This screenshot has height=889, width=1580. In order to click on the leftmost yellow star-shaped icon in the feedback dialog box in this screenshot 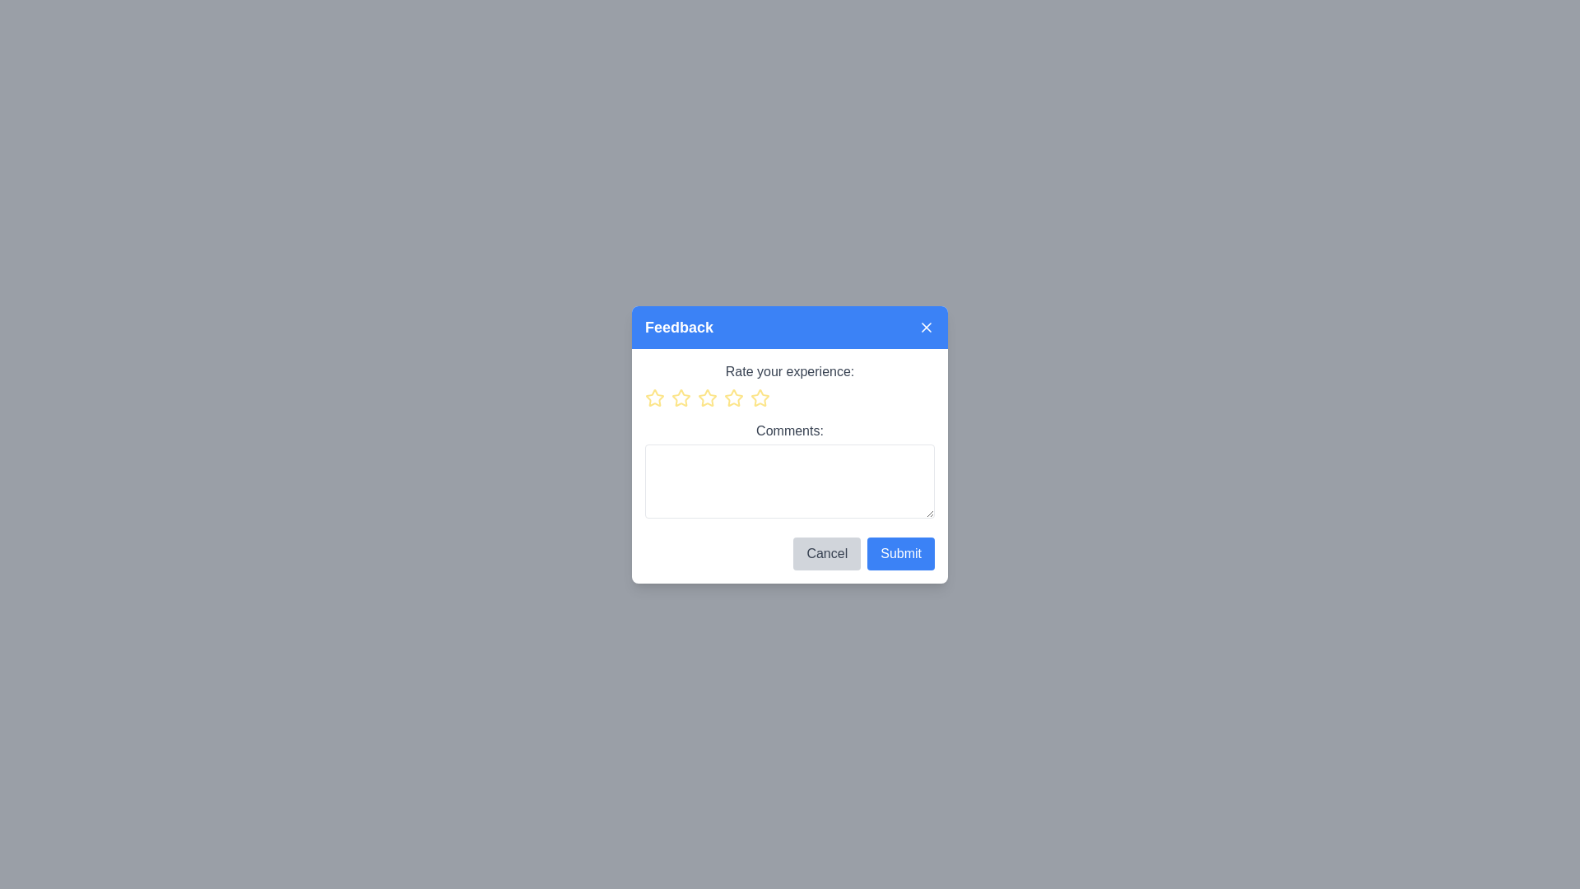, I will do `click(654, 398)`.